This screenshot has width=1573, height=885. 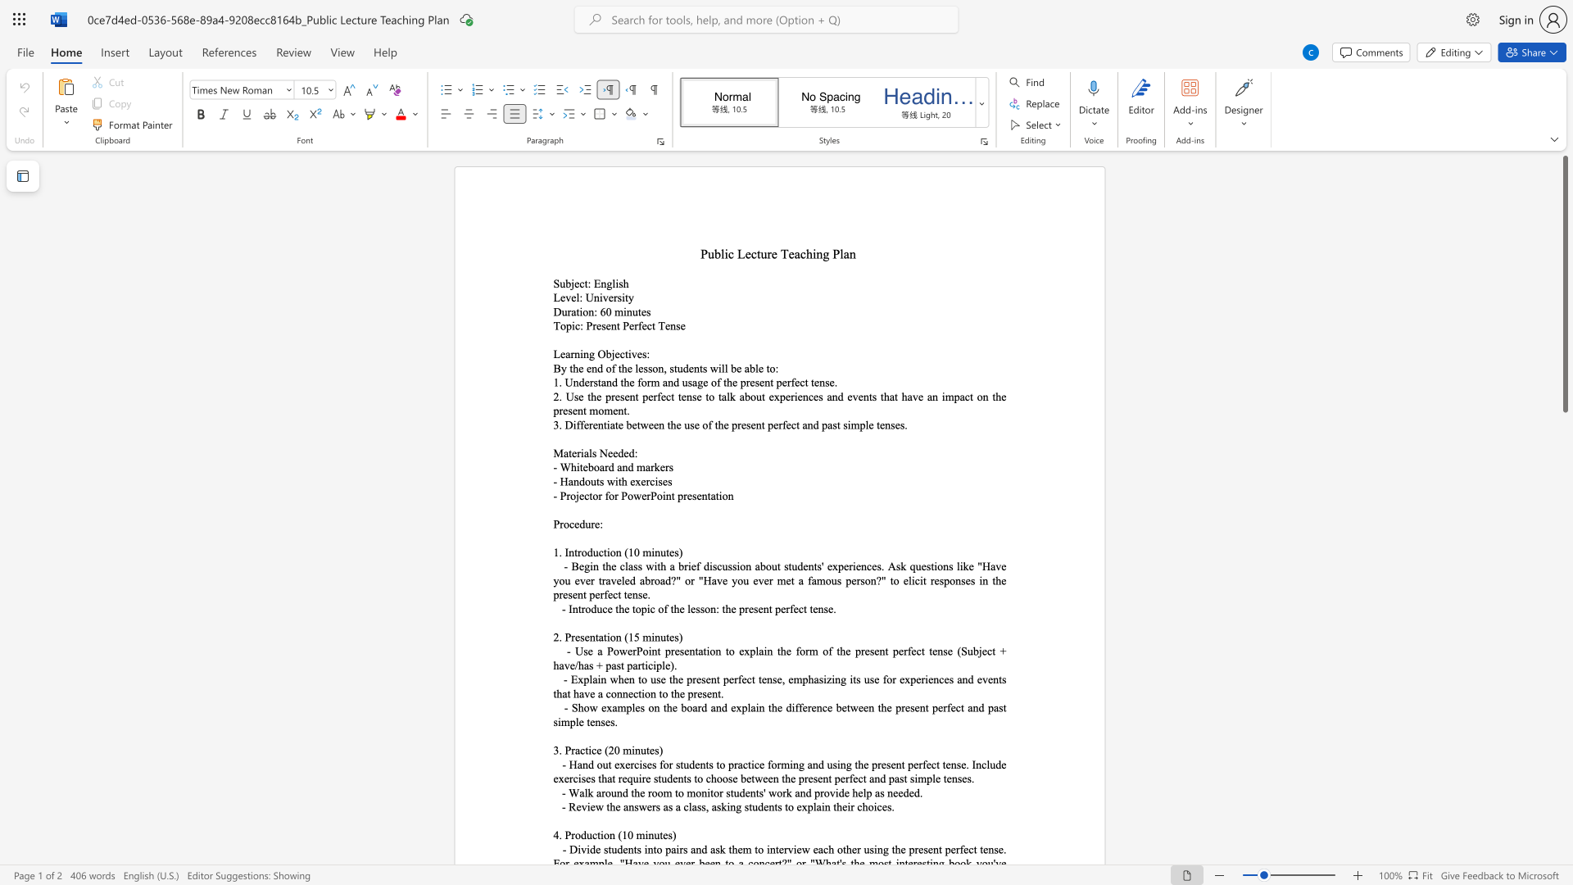 What do you see at coordinates (582, 636) in the screenshot?
I see `the 1th character "s" in the text` at bounding box center [582, 636].